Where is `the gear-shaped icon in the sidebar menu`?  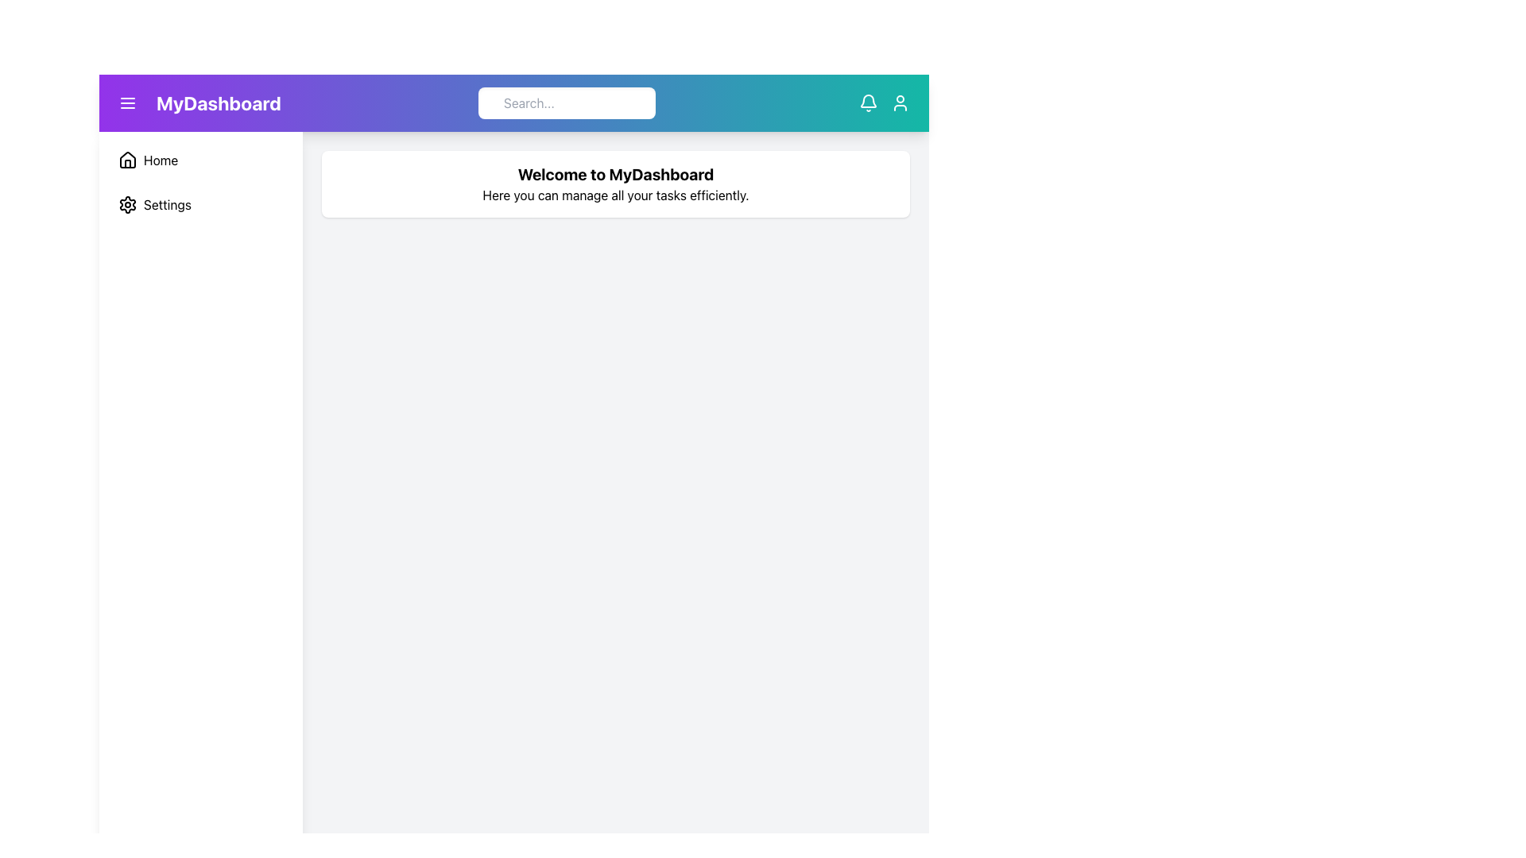
the gear-shaped icon in the sidebar menu is located at coordinates (128, 204).